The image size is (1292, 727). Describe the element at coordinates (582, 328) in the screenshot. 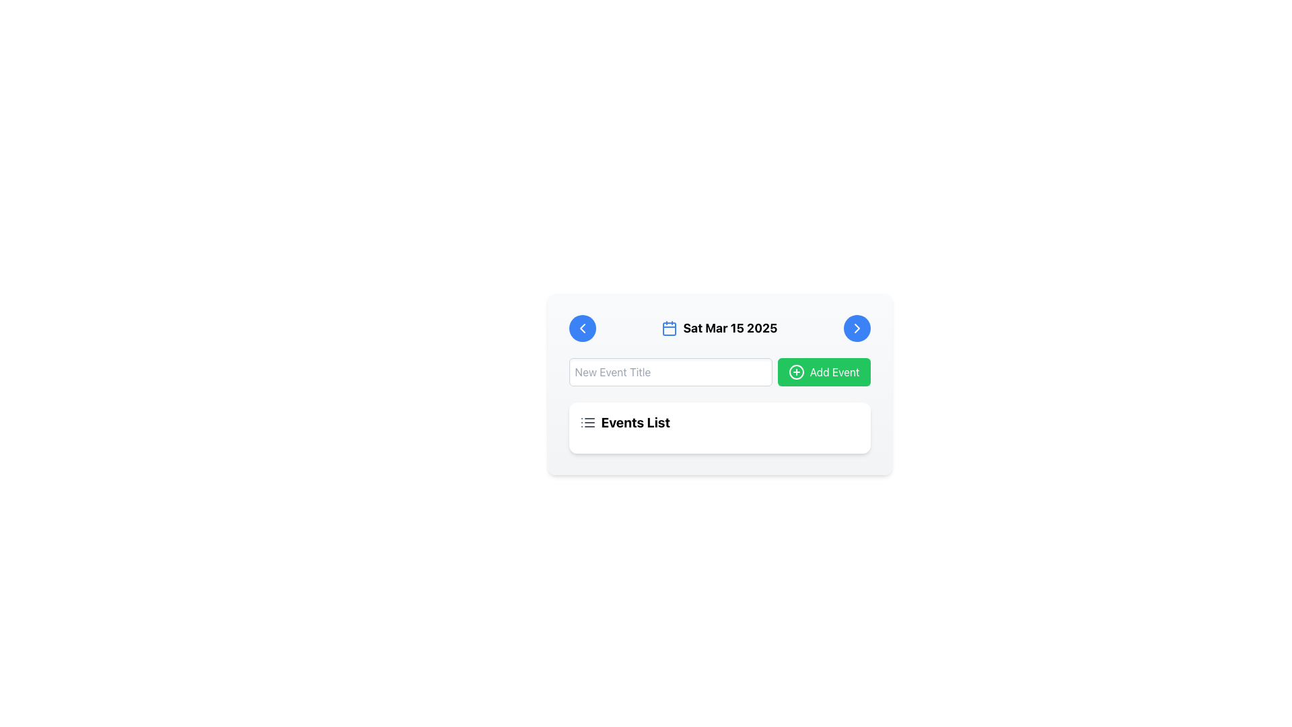

I see `the navigation button located on the left side before the 'Sat Mar 15 2025' text` at that location.